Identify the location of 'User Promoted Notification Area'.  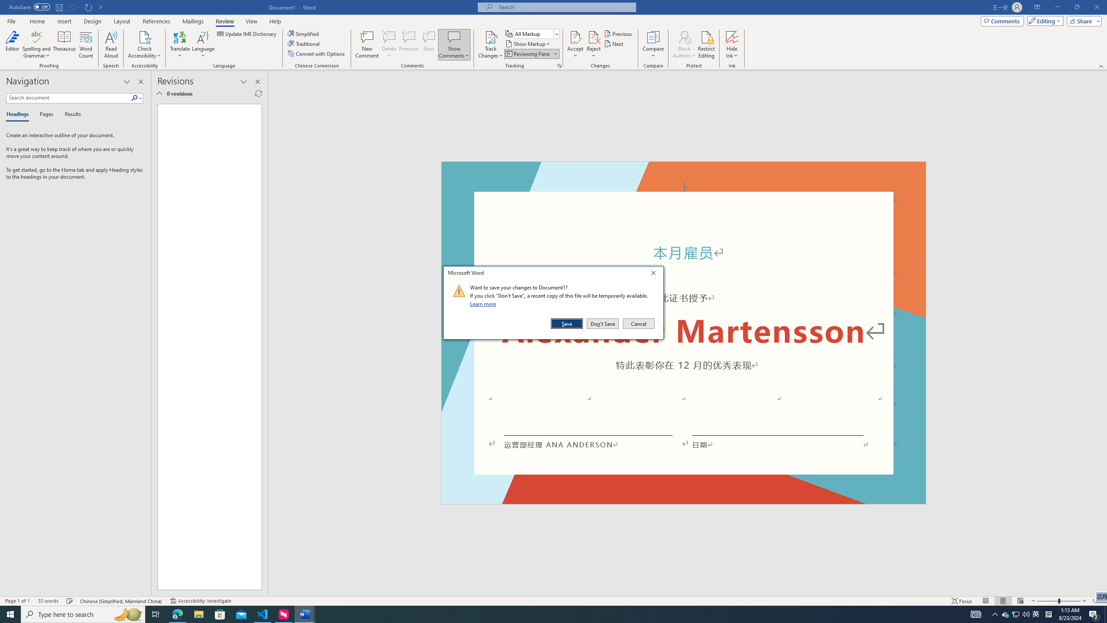
(1016, 613).